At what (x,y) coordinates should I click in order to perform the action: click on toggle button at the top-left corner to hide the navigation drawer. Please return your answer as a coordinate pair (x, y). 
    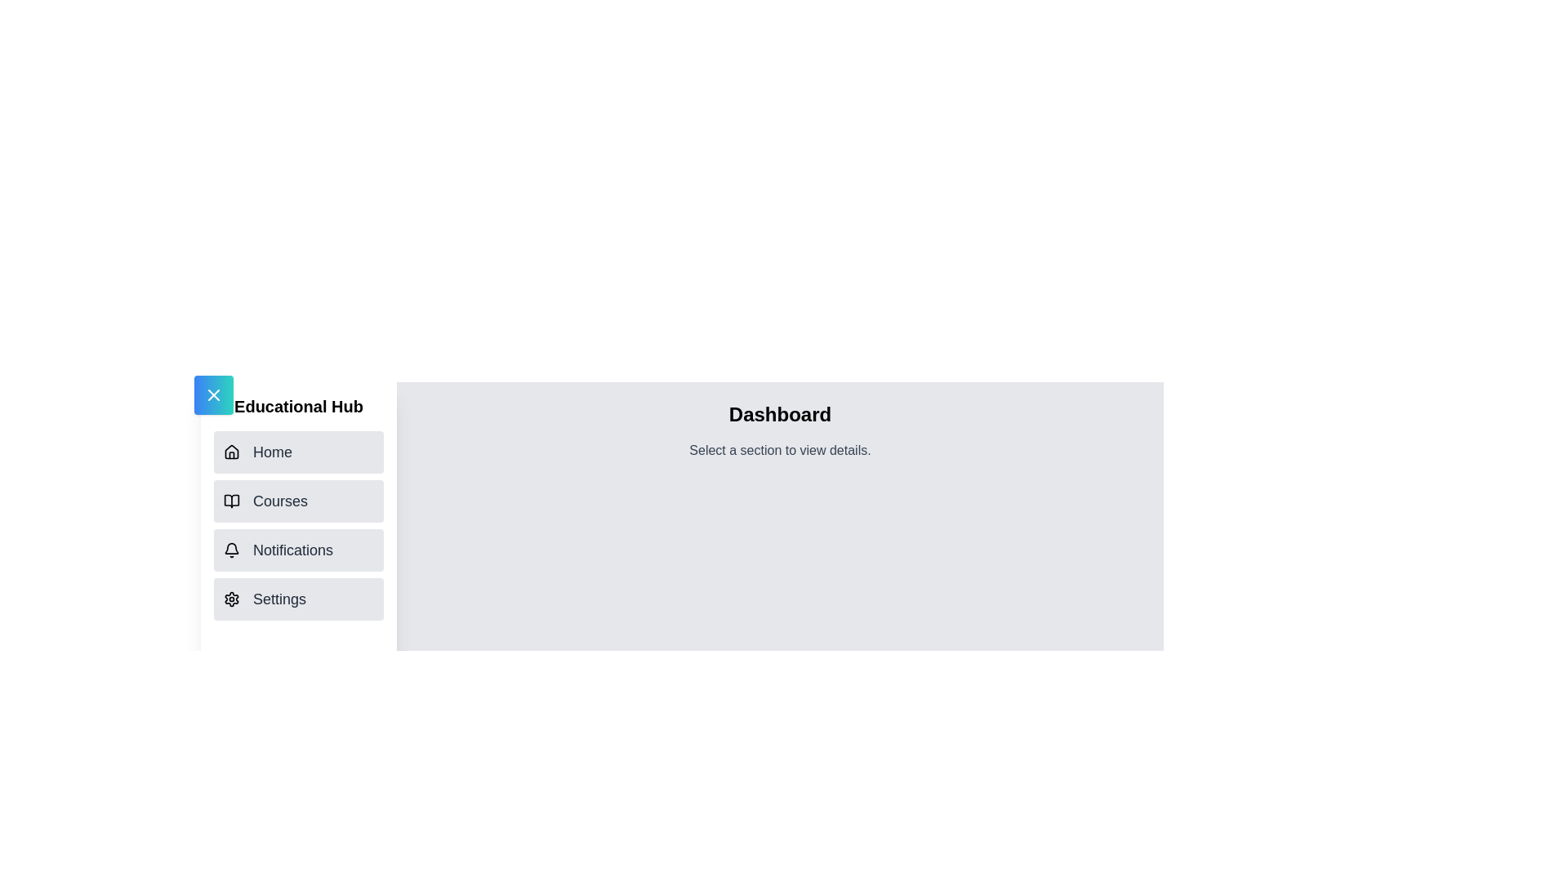
    Looking at the image, I should click on (213, 394).